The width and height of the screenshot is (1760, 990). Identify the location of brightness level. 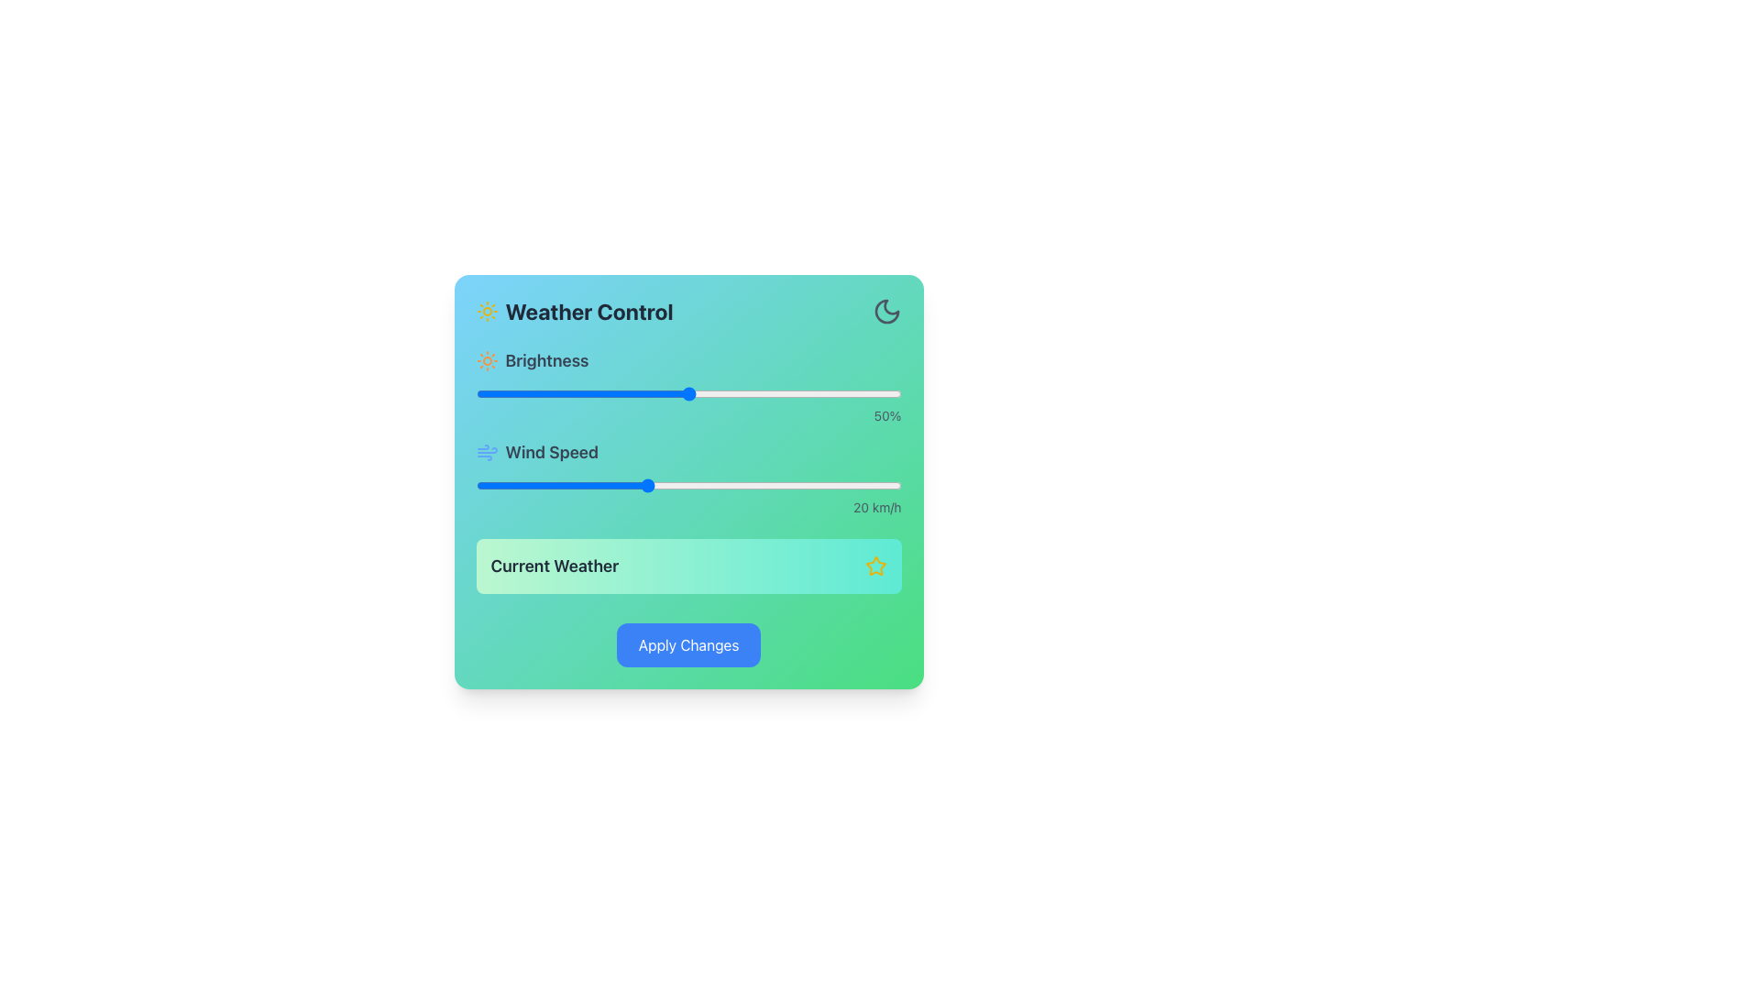
(730, 392).